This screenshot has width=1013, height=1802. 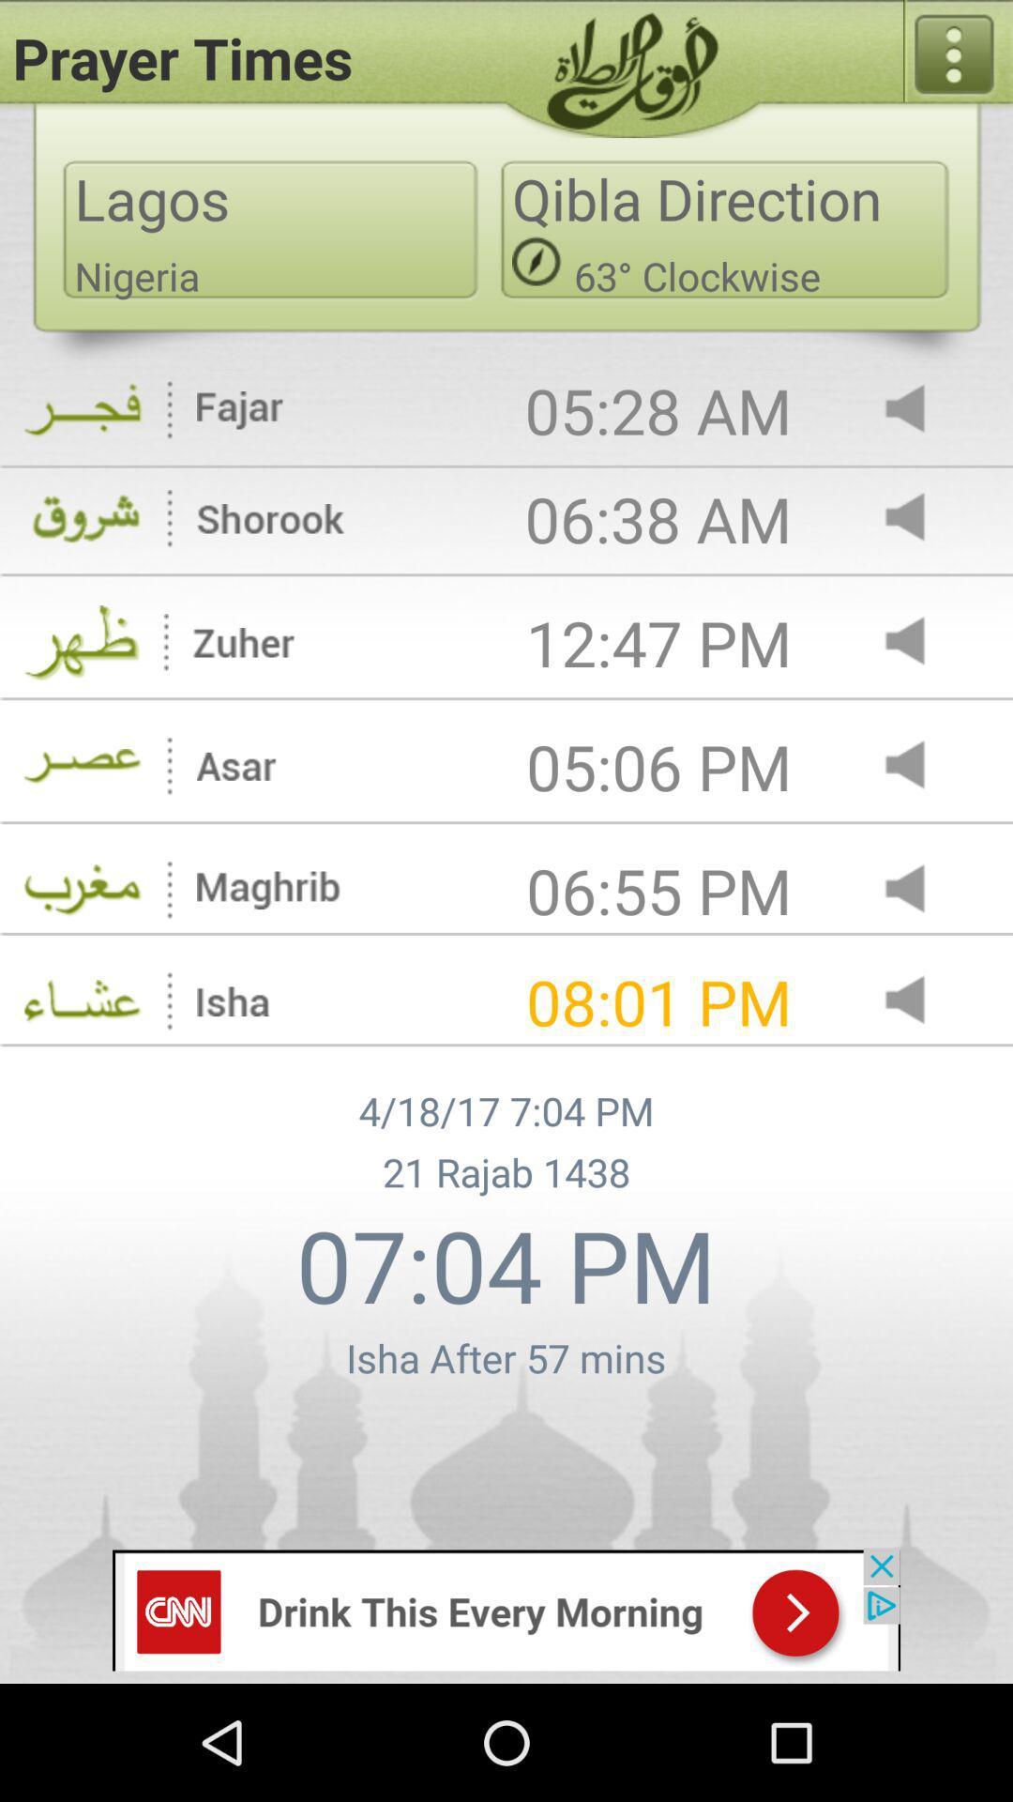 What do you see at coordinates (920, 820) in the screenshot?
I see `the volume icon` at bounding box center [920, 820].